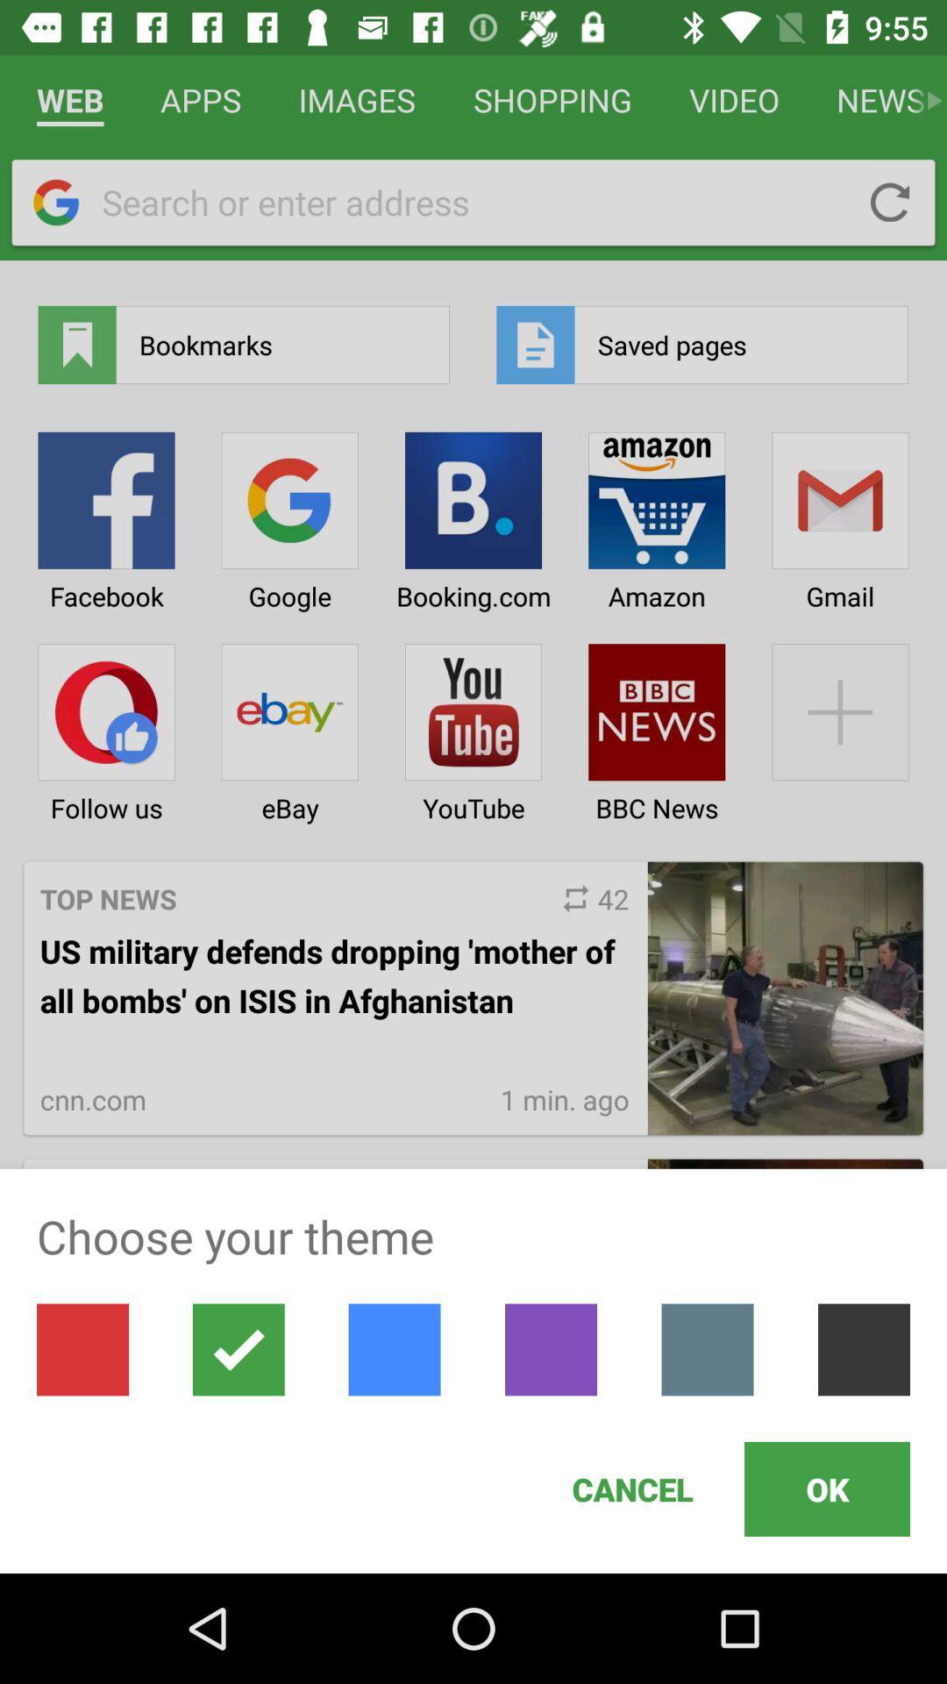 The width and height of the screenshot is (947, 1684). I want to click on the text which says cancel, so click(632, 1488).